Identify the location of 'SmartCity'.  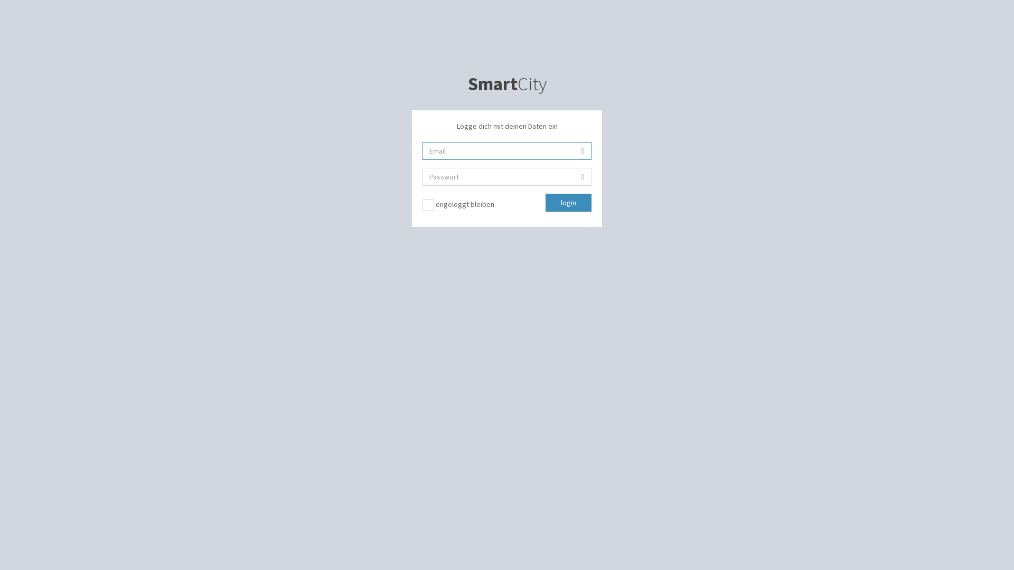
(507, 83).